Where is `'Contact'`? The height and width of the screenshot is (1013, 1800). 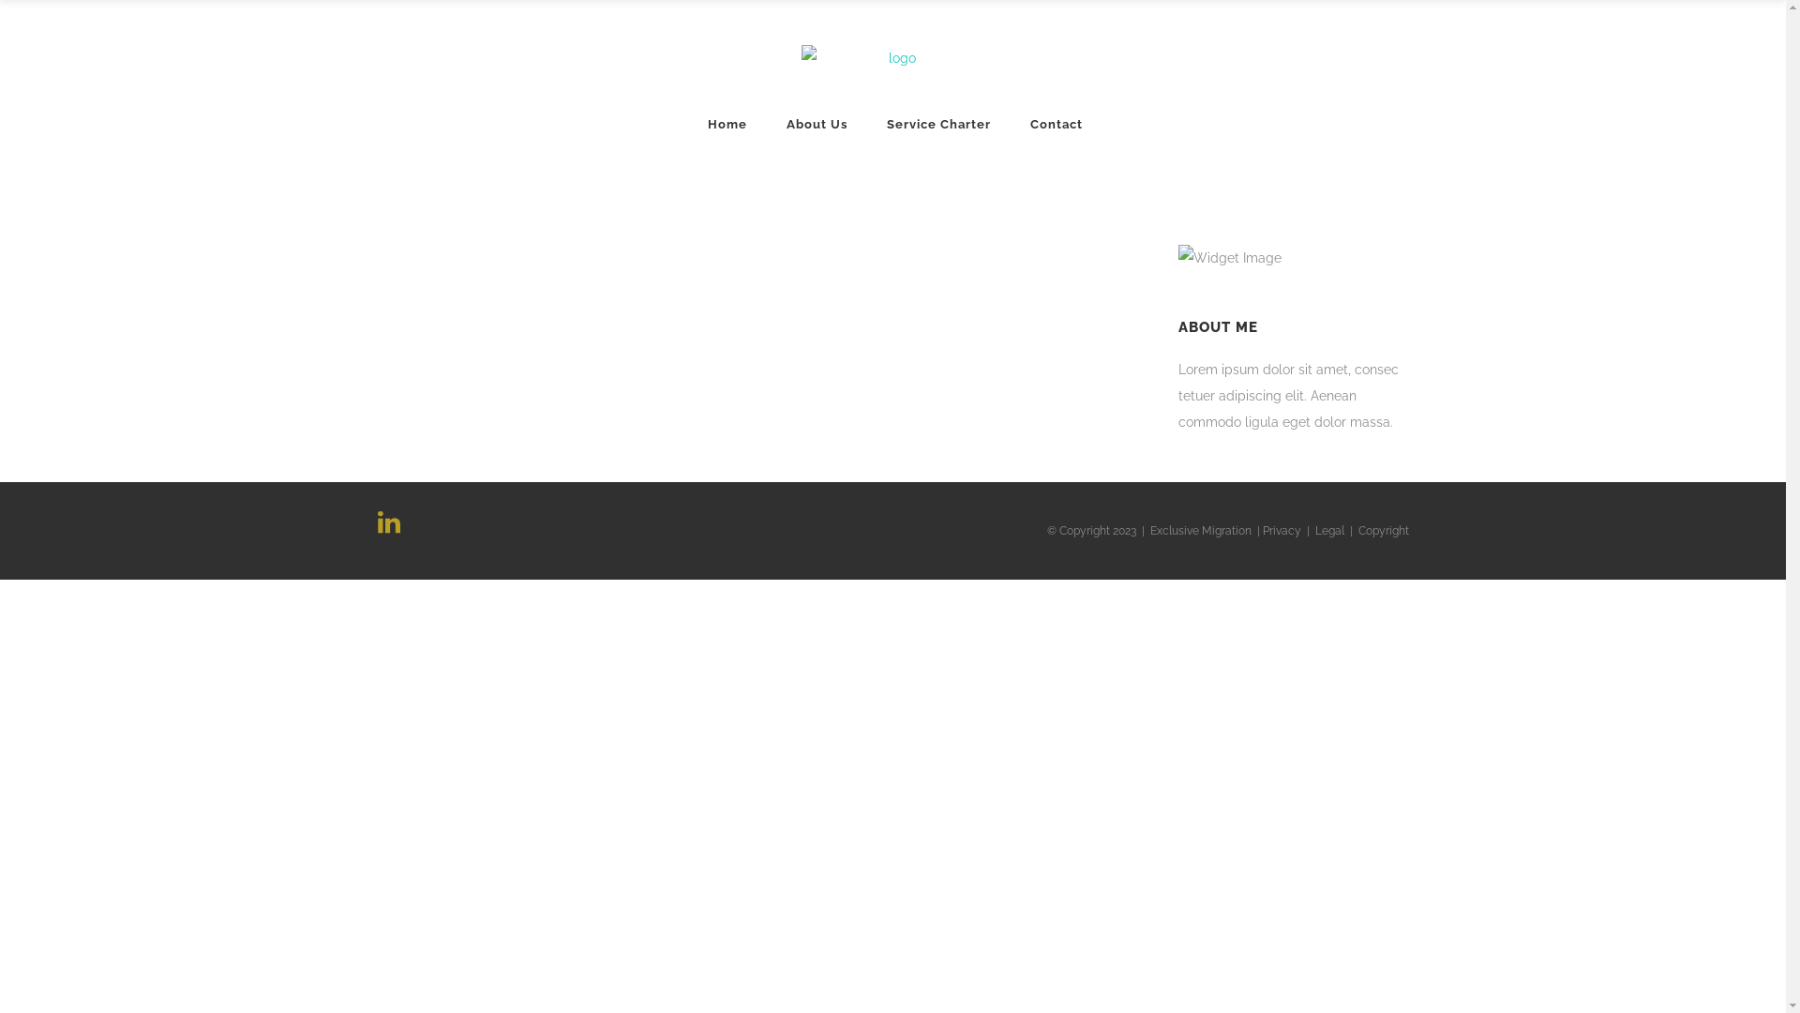 'Contact' is located at coordinates (1057, 123).